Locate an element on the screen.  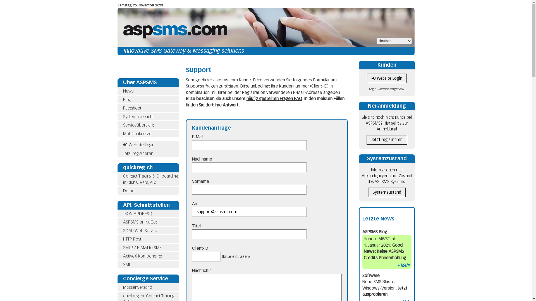
'Mobilfunknetze' is located at coordinates (137, 133).